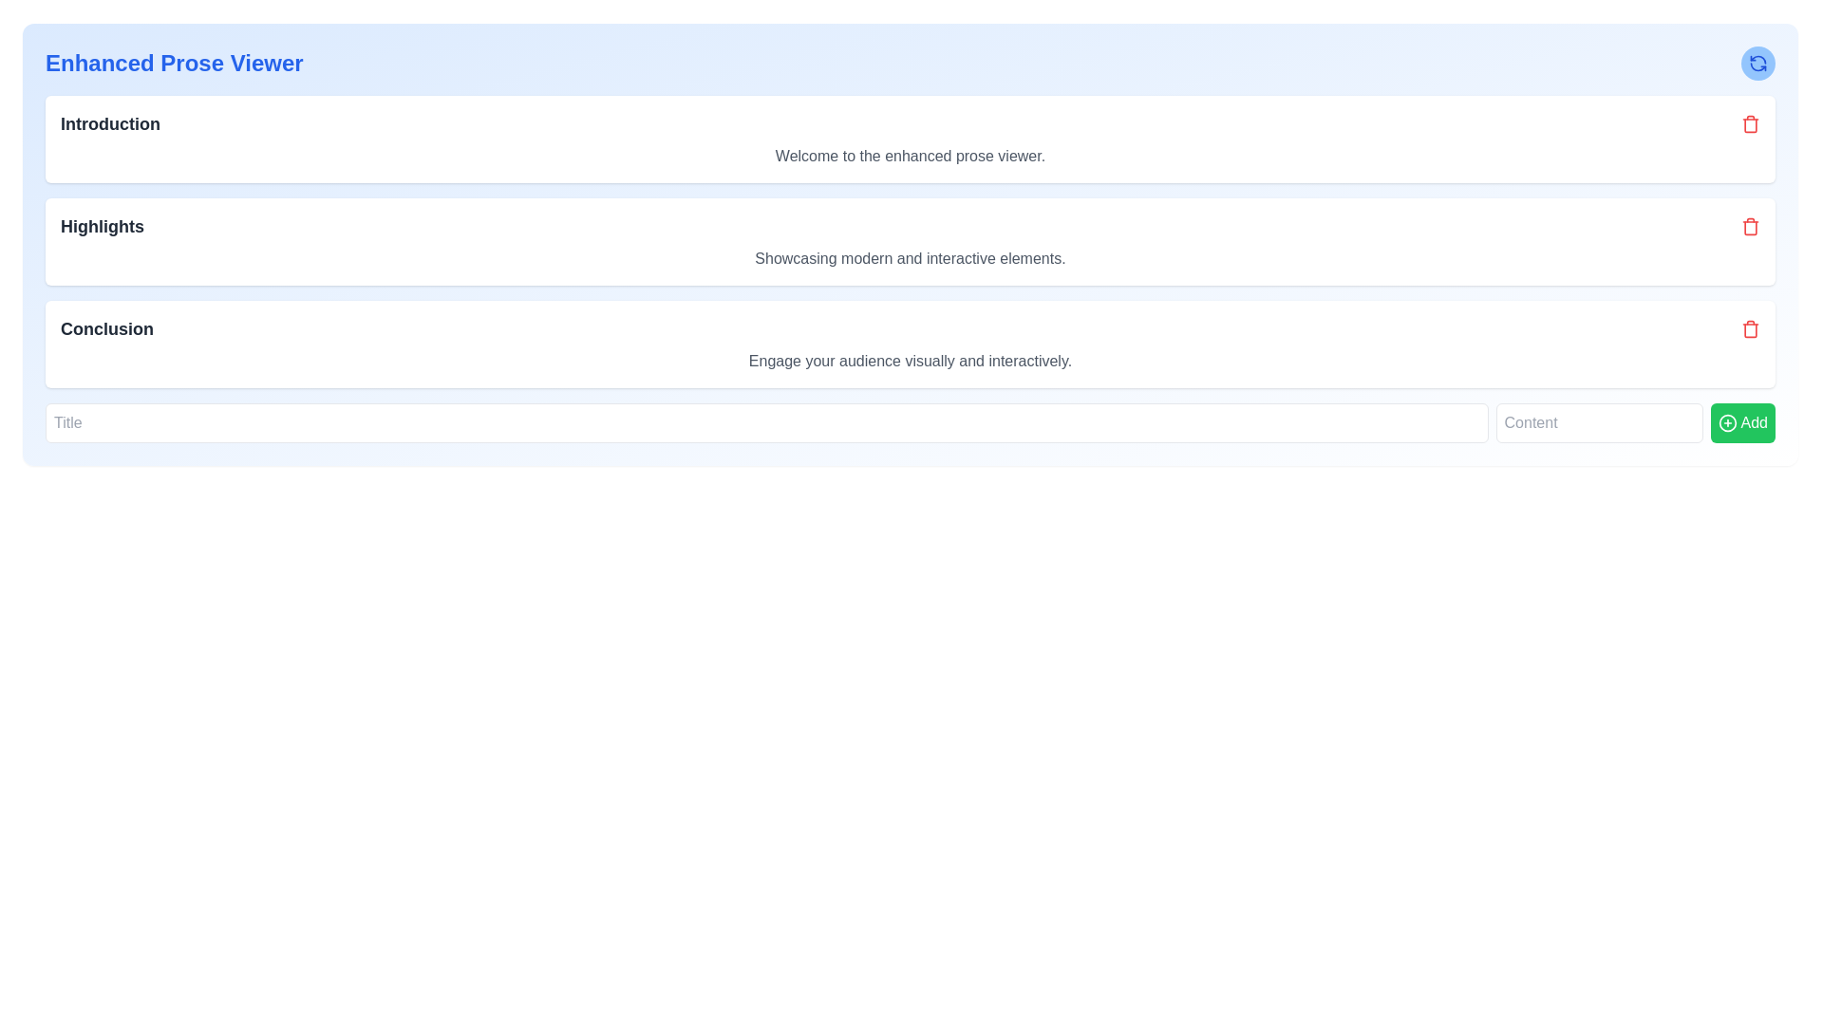 This screenshot has width=1823, height=1025. I want to click on the static text that reads 'Welcome to the enhanced prose viewer.', which is styled in gray and located below the 'Introduction' heading, so click(910, 156).